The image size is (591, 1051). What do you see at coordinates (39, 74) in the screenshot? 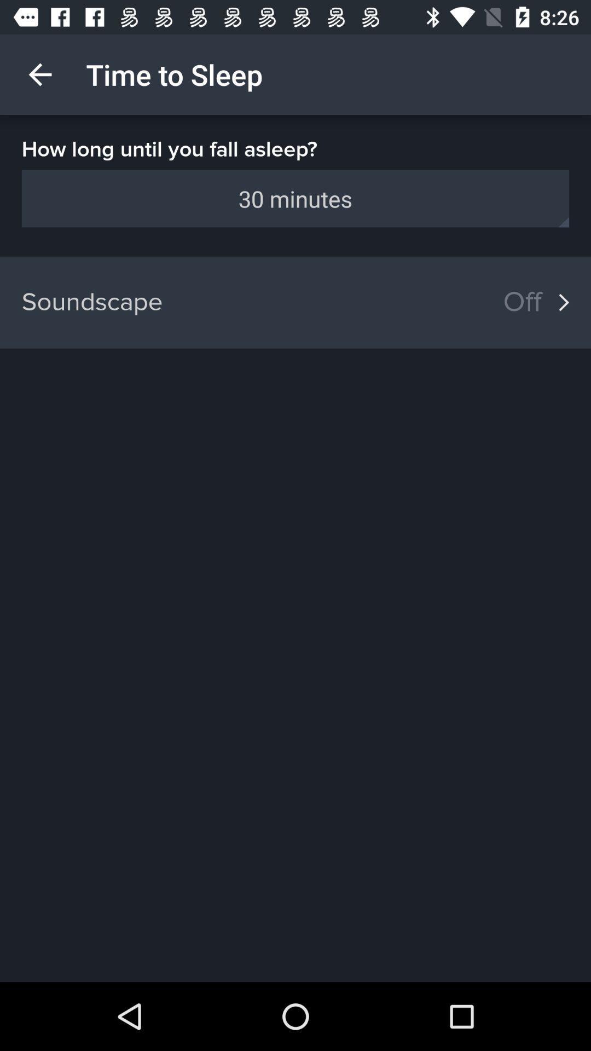
I see `the icon next to time to sleep` at bounding box center [39, 74].